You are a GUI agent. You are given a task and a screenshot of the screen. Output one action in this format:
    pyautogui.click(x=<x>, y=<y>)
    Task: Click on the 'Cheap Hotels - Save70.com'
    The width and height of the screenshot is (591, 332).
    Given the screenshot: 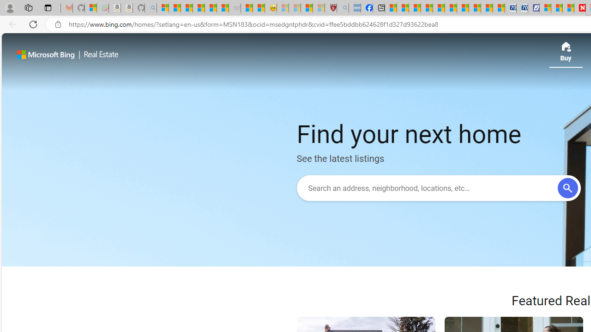 What is the action you would take?
    pyautogui.click(x=522, y=8)
    